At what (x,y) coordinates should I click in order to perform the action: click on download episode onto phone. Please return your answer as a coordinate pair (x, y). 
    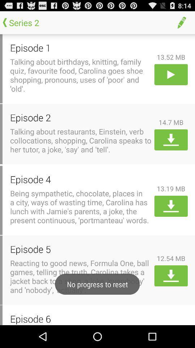
    Looking at the image, I should click on (170, 139).